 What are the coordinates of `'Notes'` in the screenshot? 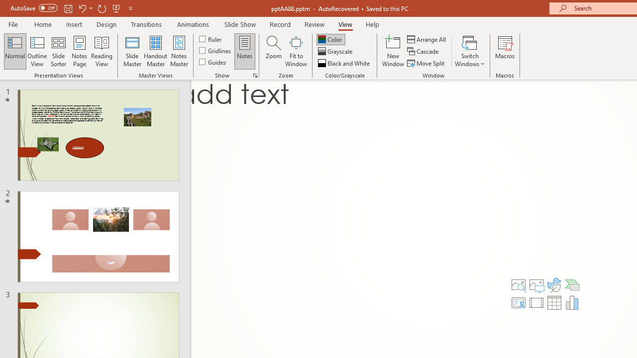 It's located at (245, 51).